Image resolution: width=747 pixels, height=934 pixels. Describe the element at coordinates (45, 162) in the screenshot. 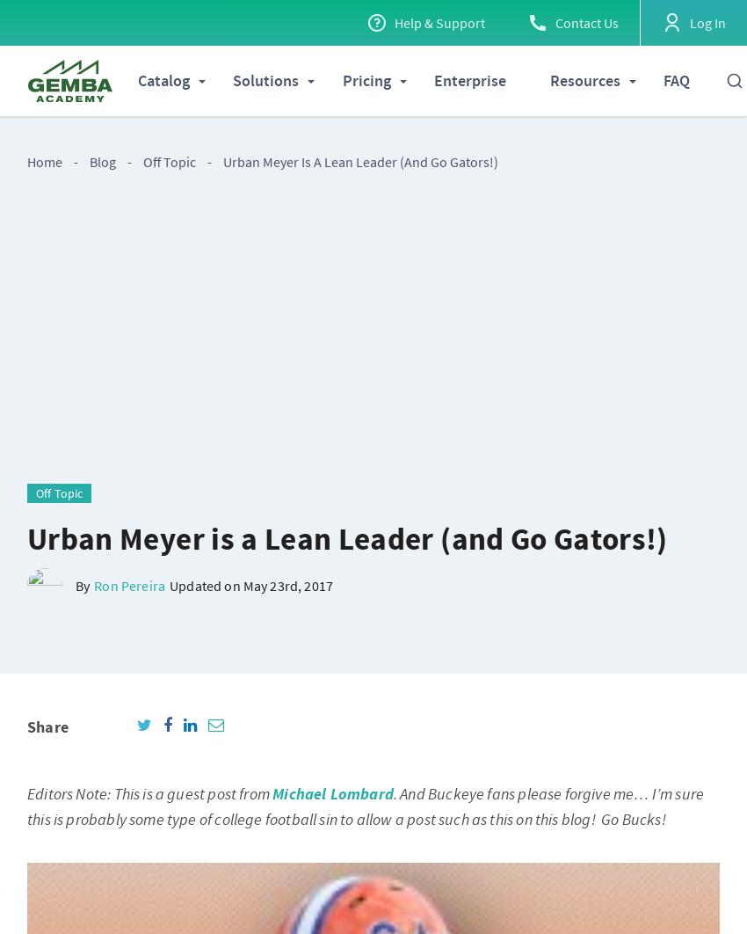

I see `'Home'` at that location.